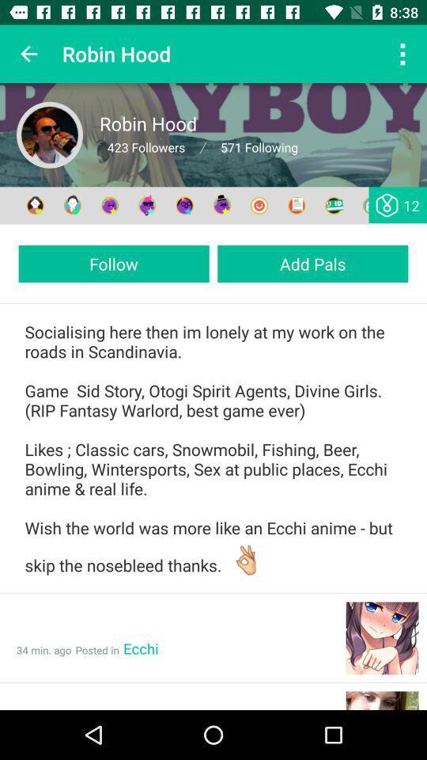  Describe the element at coordinates (312, 264) in the screenshot. I see `the item on the right` at that location.